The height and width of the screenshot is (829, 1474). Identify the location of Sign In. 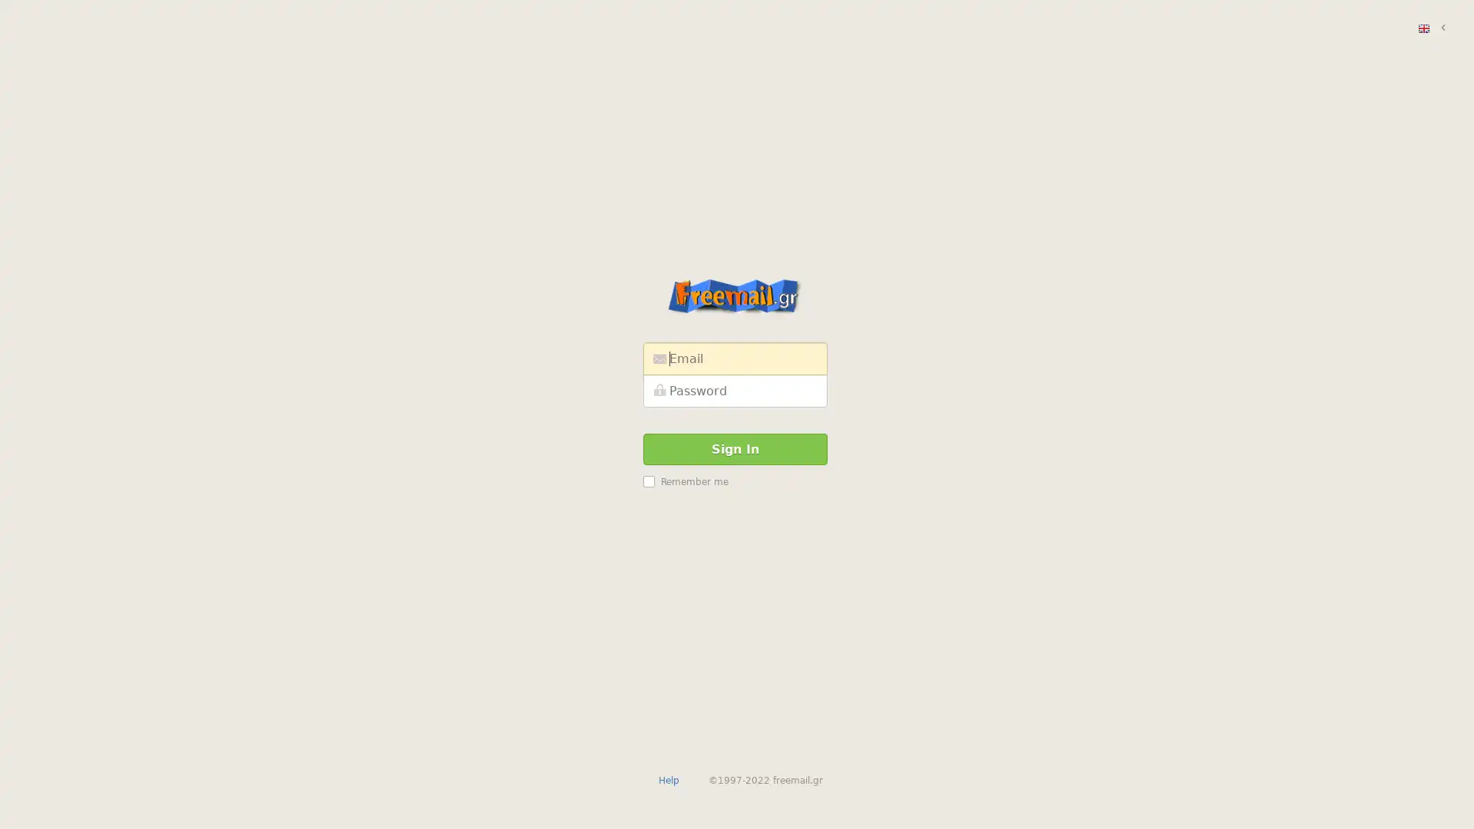
(735, 448).